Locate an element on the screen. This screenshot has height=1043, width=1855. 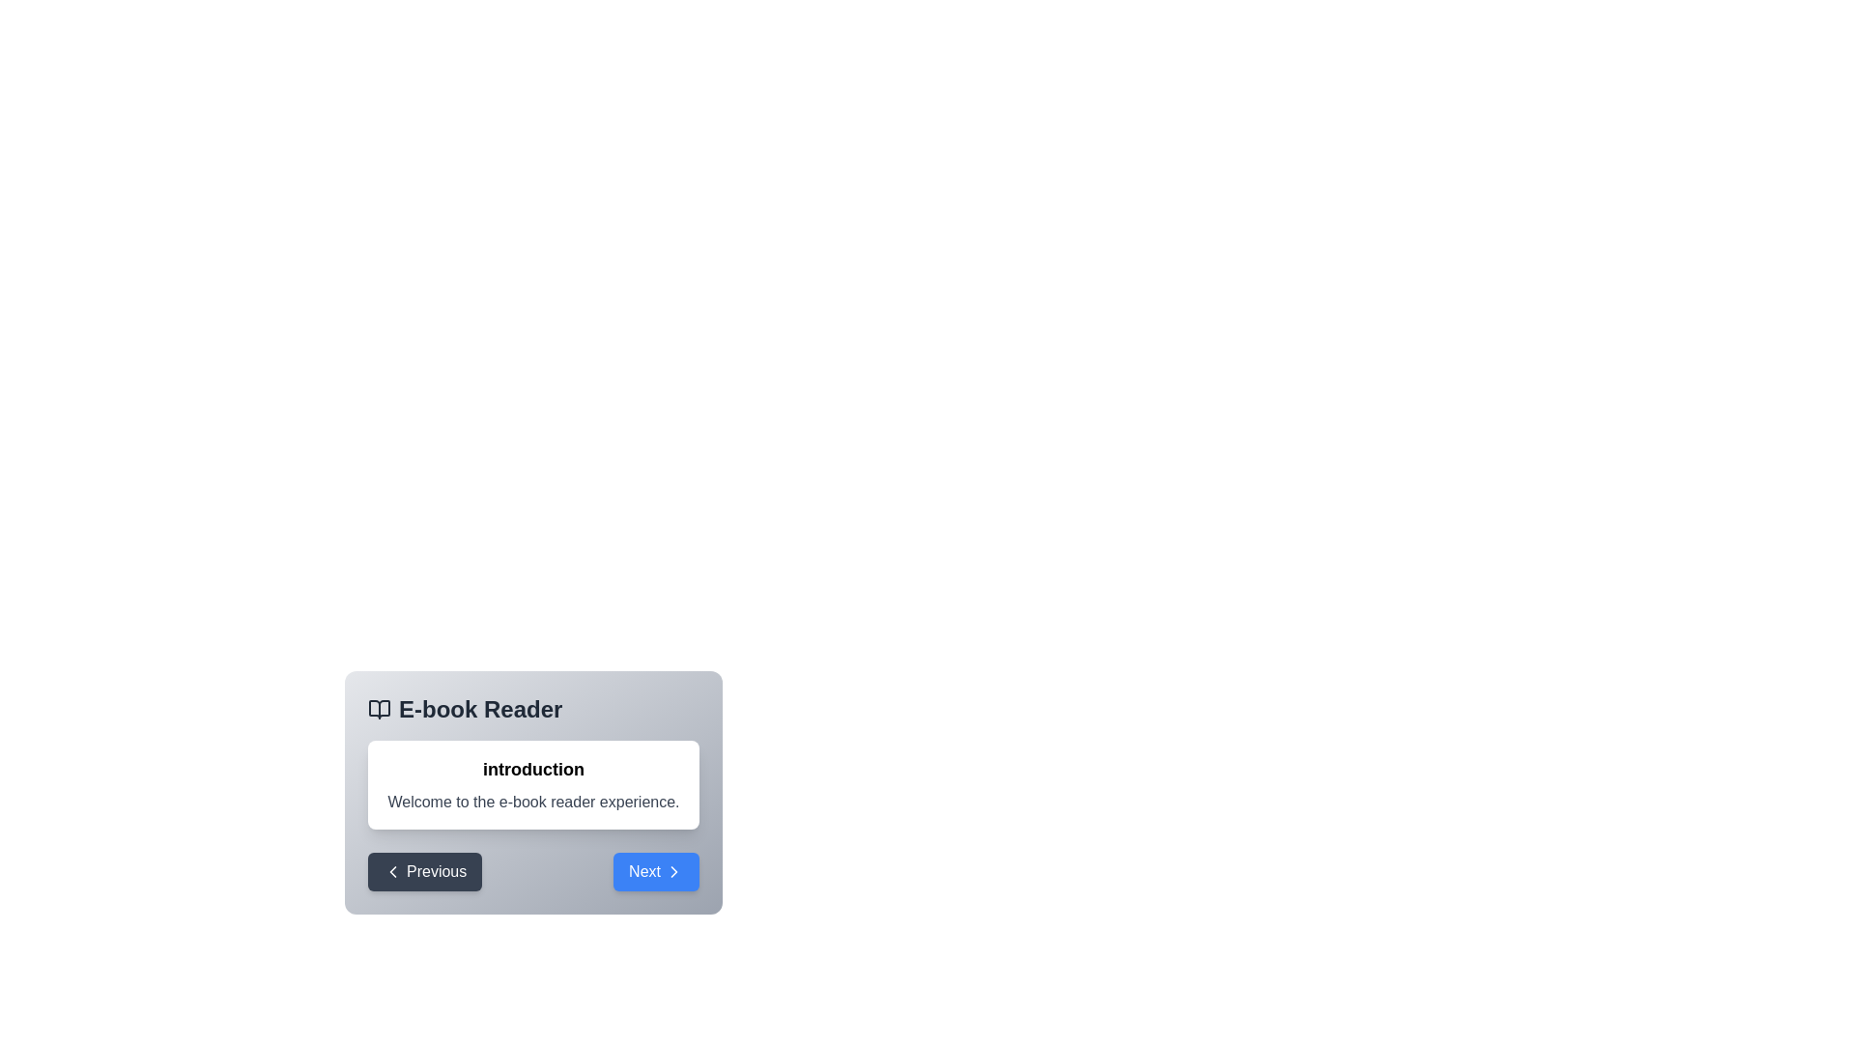
the decorative icon associated with the 'E-book Reader' header, which is positioned at the far left of the header section is located at coordinates (380, 710).